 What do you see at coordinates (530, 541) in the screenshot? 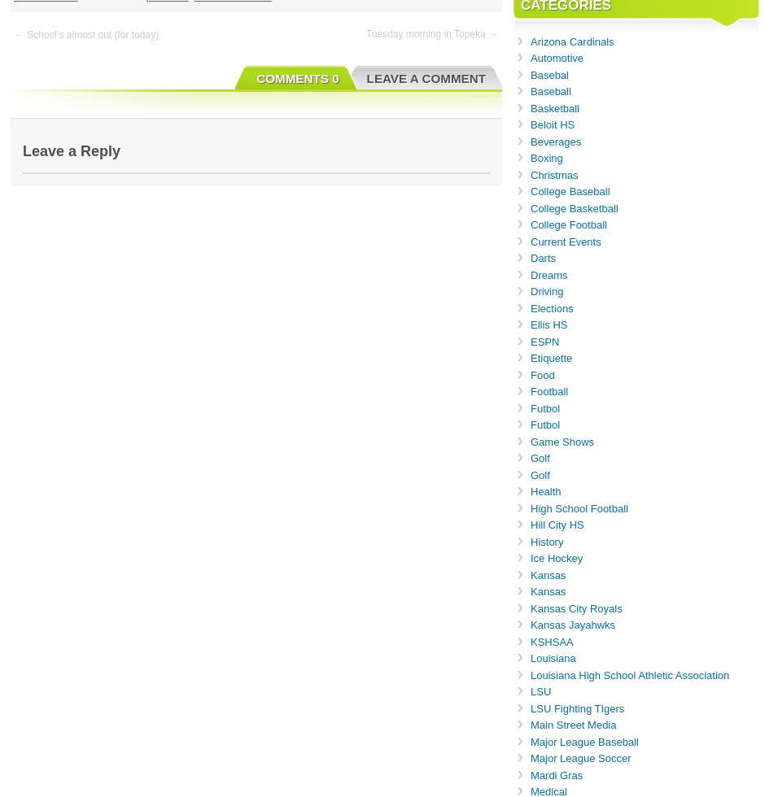
I see `'History'` at bounding box center [530, 541].